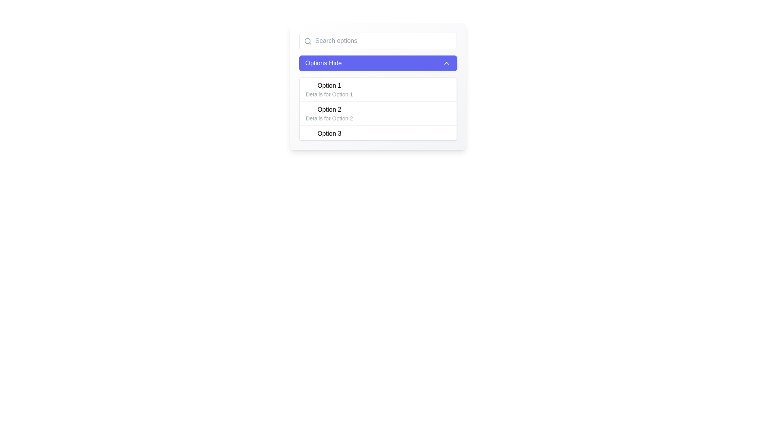 The width and height of the screenshot is (757, 425). What do you see at coordinates (377, 137) in the screenshot?
I see `the third selectable option in the dropdown menu labeled 'Option 3'` at bounding box center [377, 137].